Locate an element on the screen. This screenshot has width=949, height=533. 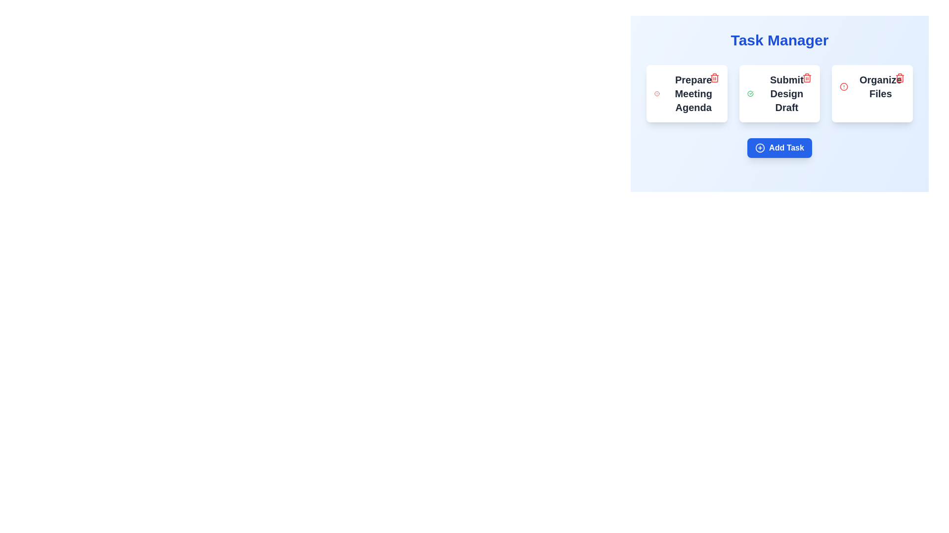
the circular graphical element of the 'plus inside a circle' icon located at the center of the 'Add Task' button in the task management section is located at coordinates (760, 148).